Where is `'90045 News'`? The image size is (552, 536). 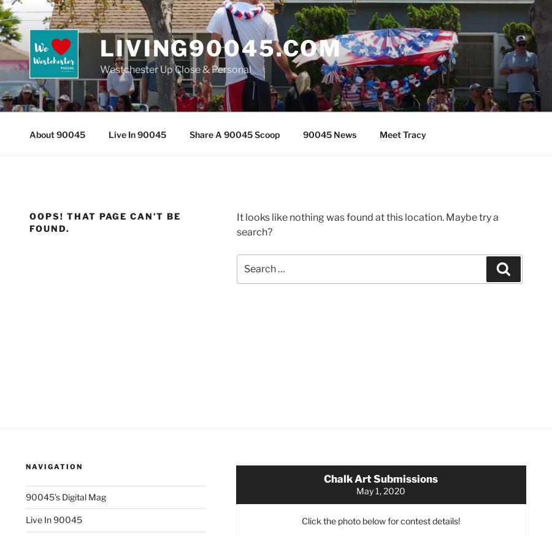
'90045 News' is located at coordinates (328, 133).